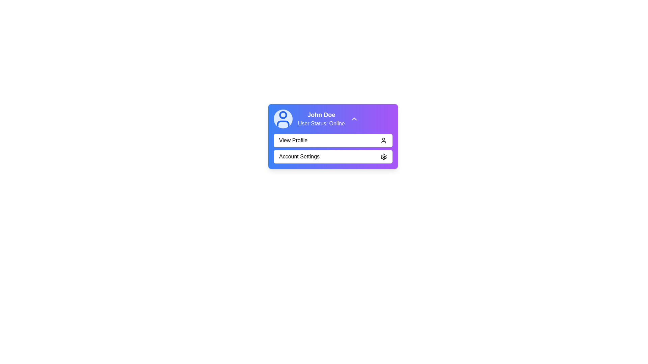 The width and height of the screenshot is (648, 364). I want to click on the navigation button located at the top of the dropdown list, so click(333, 140).